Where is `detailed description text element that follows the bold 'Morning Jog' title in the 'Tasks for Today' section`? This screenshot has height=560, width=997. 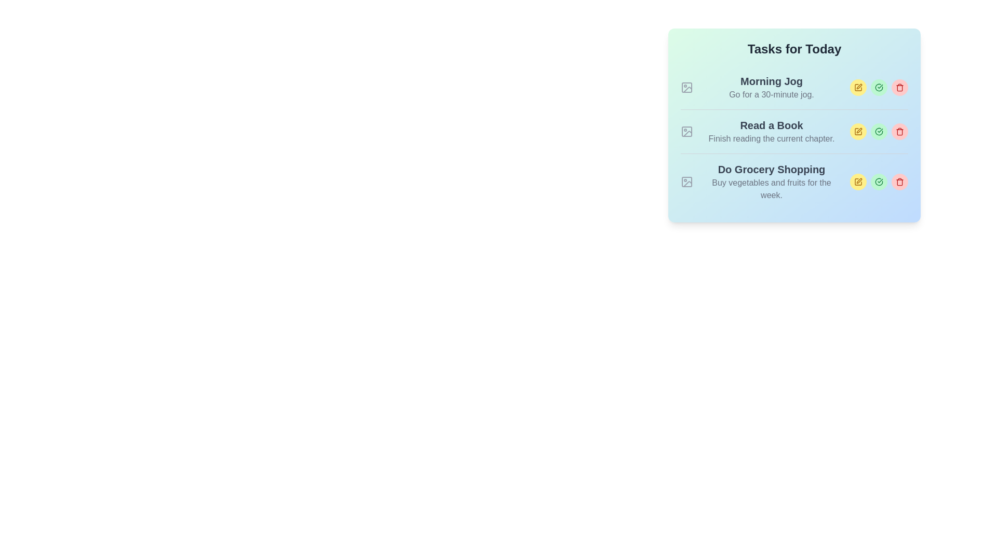
detailed description text element that follows the bold 'Morning Jog' title in the 'Tasks for Today' section is located at coordinates (772, 94).